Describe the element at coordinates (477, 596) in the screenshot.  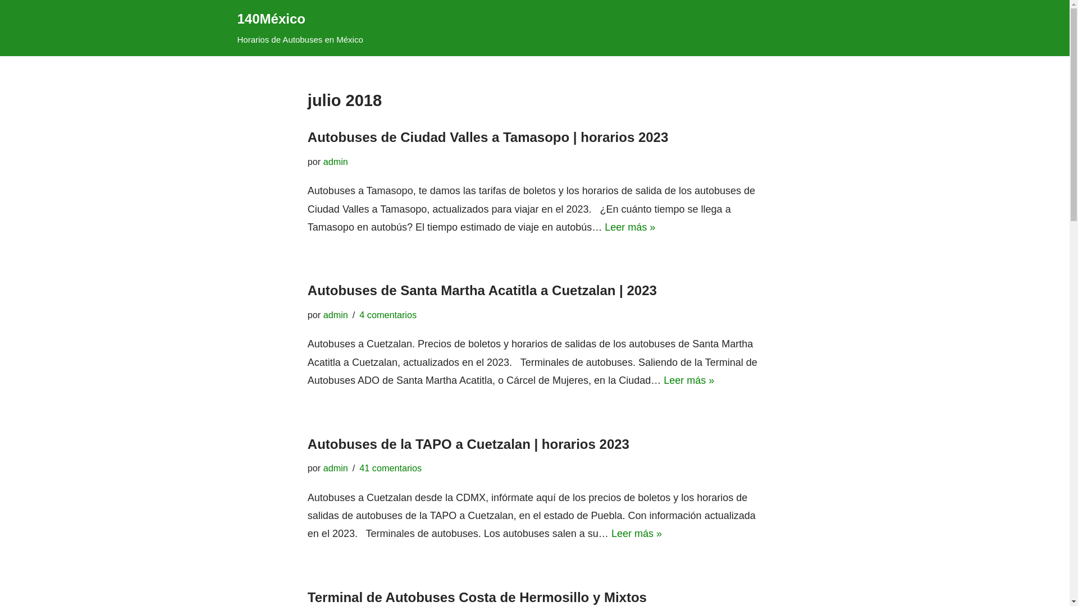
I see `'Terminal de Autobuses Costa de Hermosillo y Mixtos'` at that location.